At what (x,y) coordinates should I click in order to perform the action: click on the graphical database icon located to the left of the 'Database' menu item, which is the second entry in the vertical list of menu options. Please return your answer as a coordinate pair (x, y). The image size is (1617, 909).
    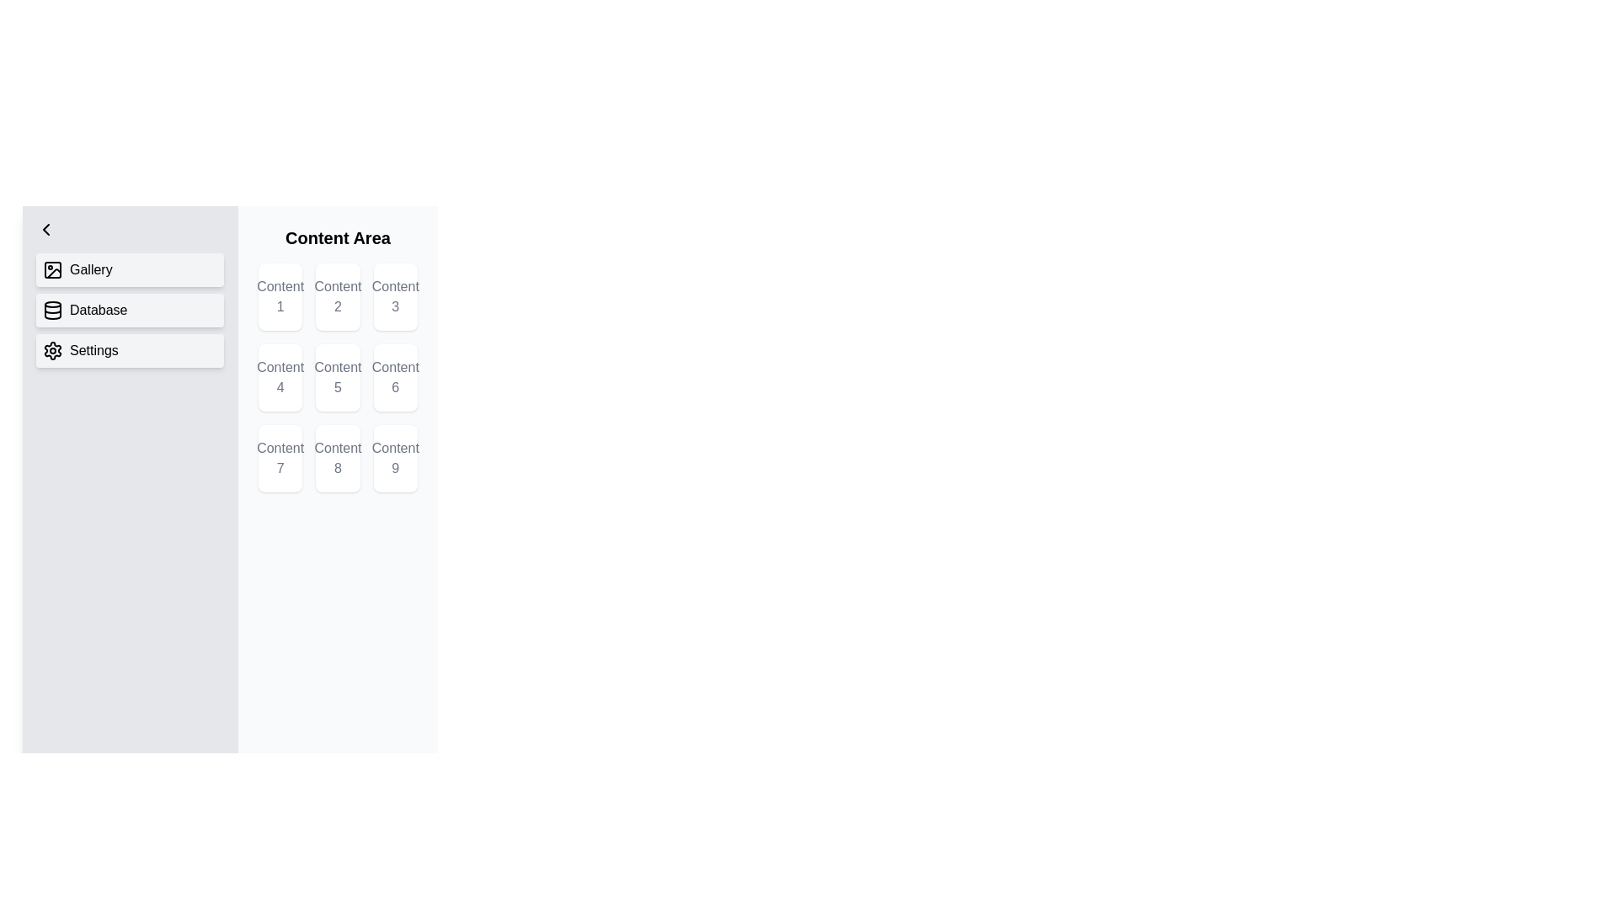
    Looking at the image, I should click on (52, 311).